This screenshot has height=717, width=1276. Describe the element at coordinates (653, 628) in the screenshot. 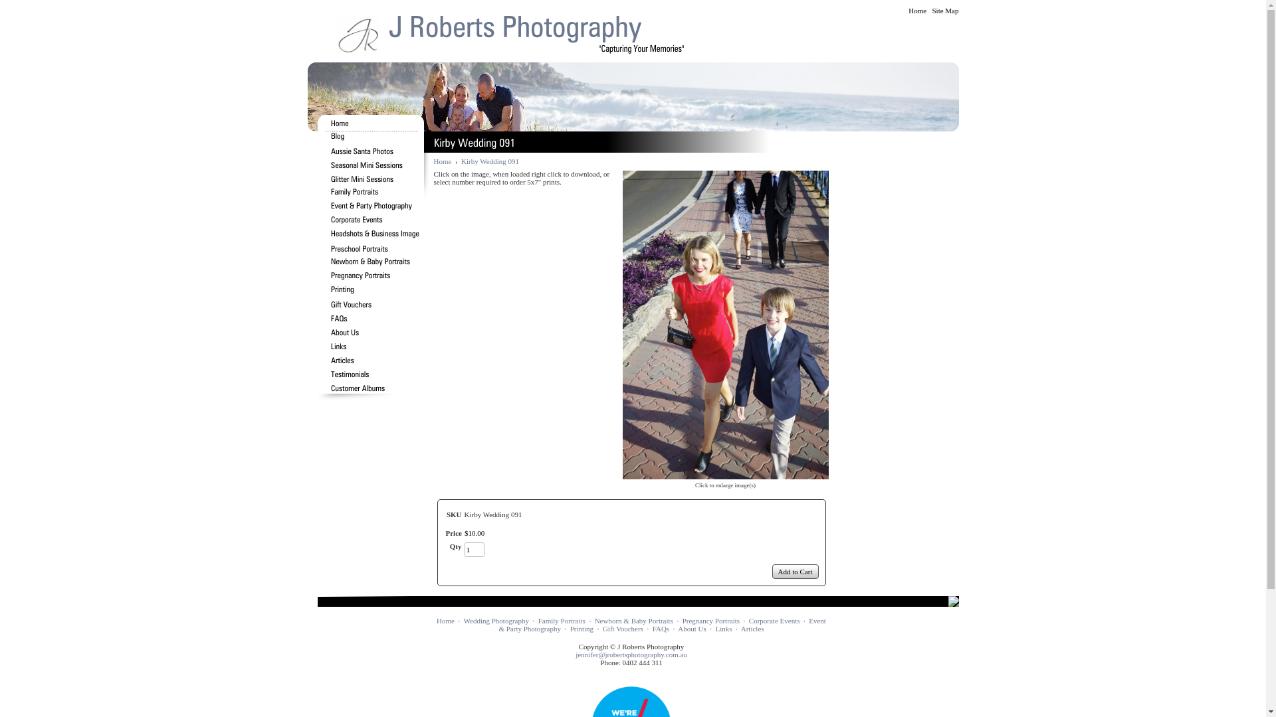

I see `'FAQs'` at that location.